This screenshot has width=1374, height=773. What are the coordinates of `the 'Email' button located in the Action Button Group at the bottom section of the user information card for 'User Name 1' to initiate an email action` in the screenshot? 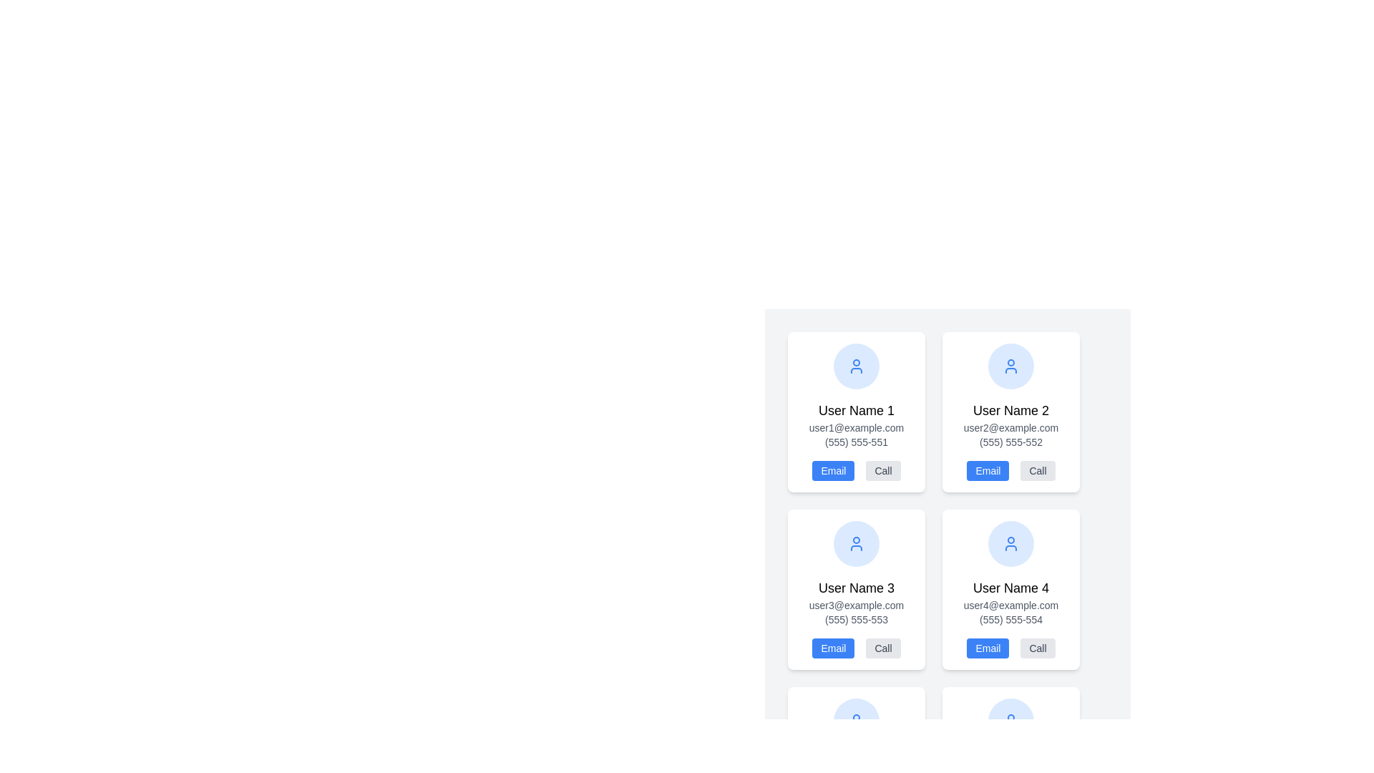 It's located at (856, 471).